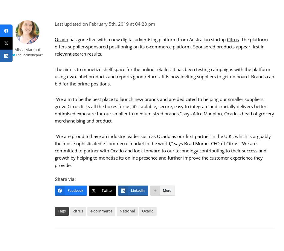  I want to click on 'Alissa Marchat', so click(27, 49).